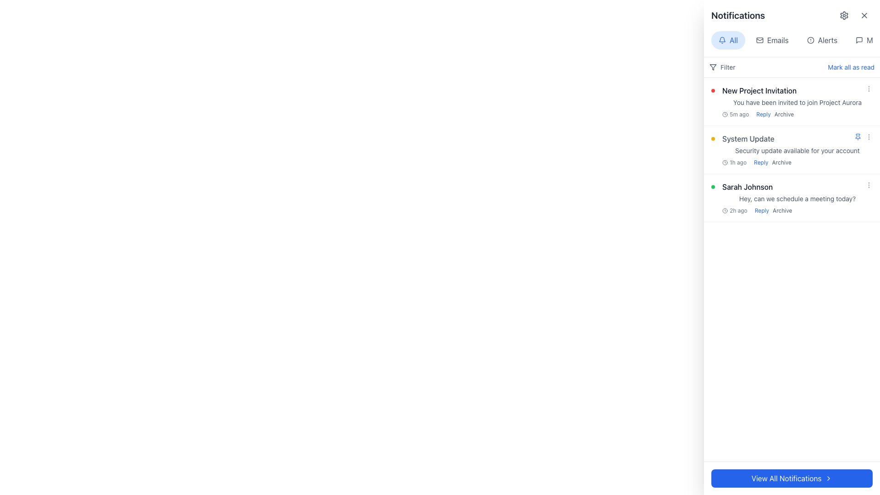  I want to click on the message-related icon located in the toolbar of the 'Notifications' panel, which is the fourth icon from the left, so click(859, 40).